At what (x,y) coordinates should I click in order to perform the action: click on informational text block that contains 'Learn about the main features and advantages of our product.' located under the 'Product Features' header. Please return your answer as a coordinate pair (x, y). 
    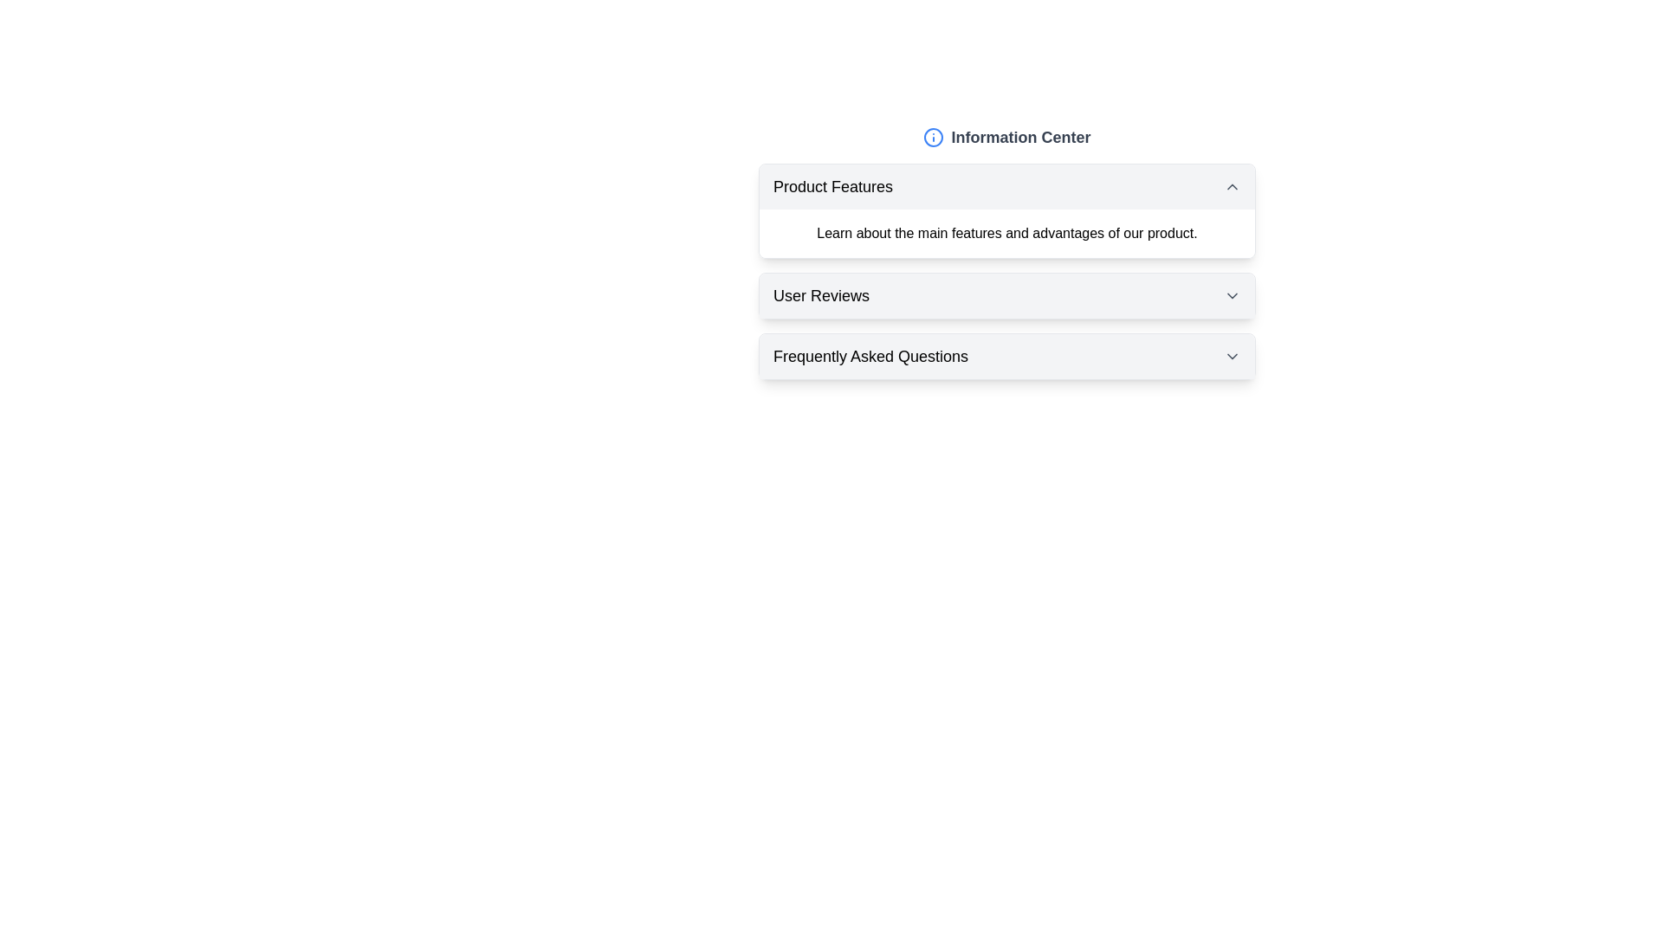
    Looking at the image, I should click on (1006, 234).